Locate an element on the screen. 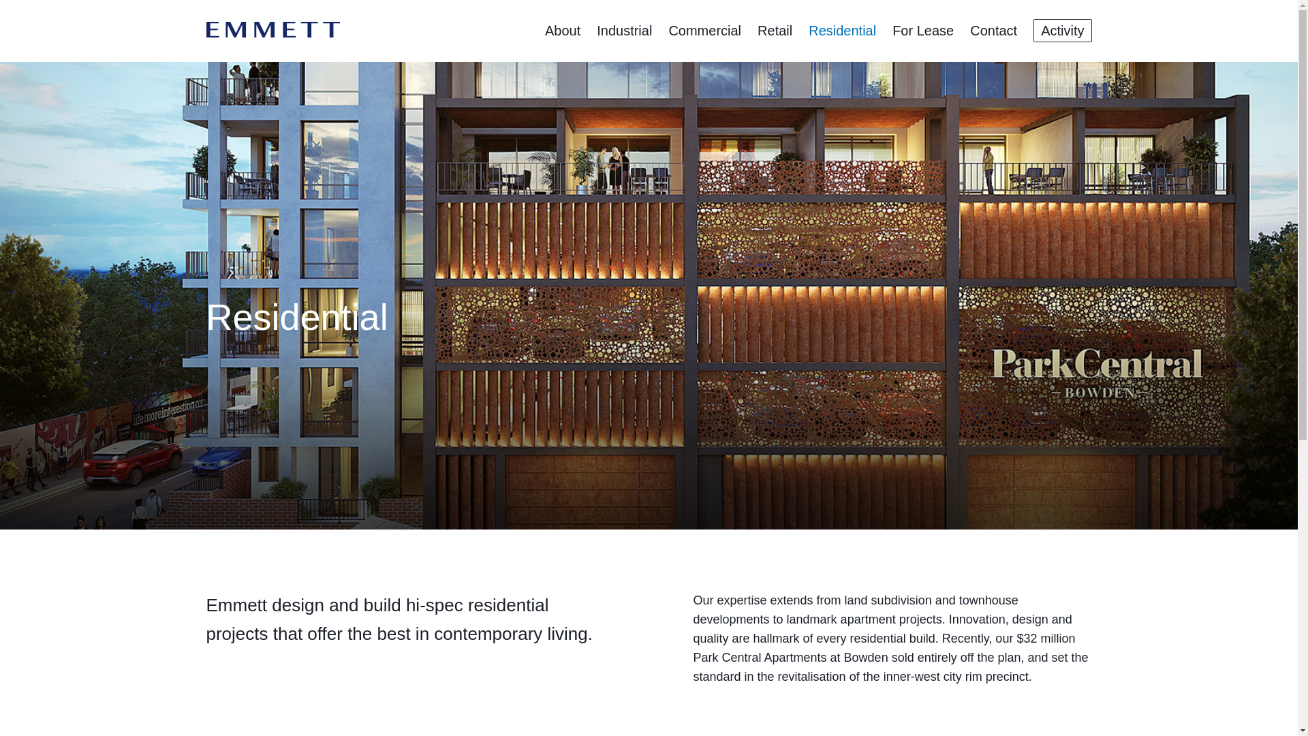 The width and height of the screenshot is (1308, 736). 'Commercial' is located at coordinates (704, 31).